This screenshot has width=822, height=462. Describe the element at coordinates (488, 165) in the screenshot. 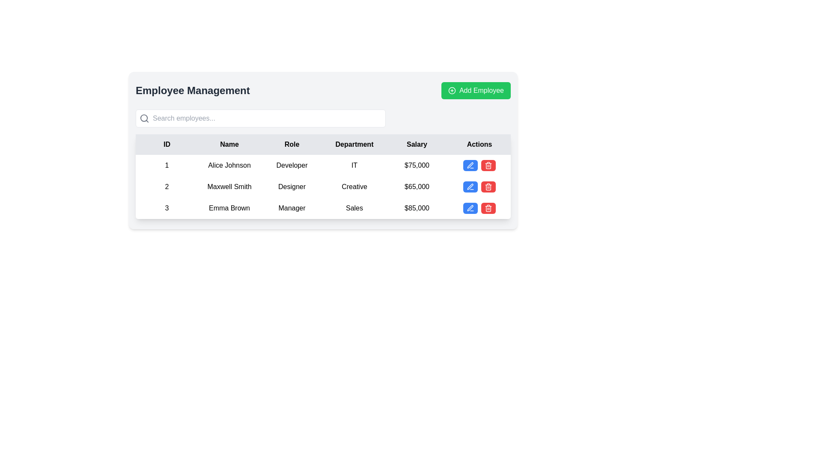

I see `the delete button icon in the Actions column of the third row, associated with Emma Brown` at that location.